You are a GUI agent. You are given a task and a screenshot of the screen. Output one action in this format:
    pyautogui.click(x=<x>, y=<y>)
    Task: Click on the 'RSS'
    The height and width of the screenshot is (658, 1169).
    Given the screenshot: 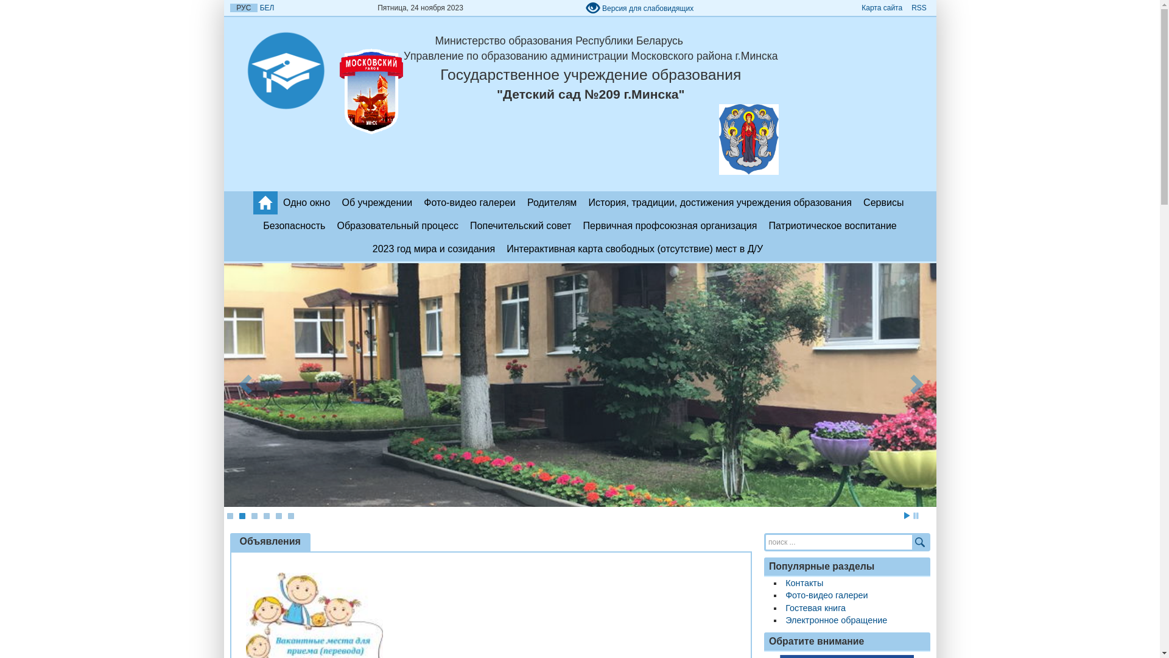 What is the action you would take?
    pyautogui.click(x=918, y=7)
    